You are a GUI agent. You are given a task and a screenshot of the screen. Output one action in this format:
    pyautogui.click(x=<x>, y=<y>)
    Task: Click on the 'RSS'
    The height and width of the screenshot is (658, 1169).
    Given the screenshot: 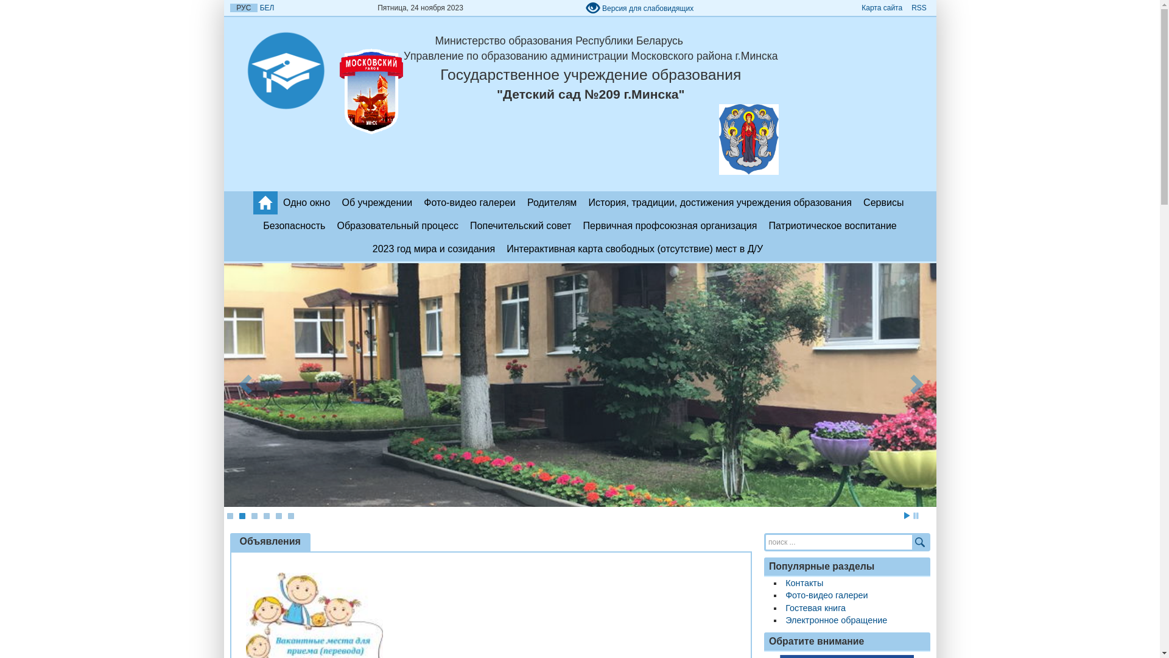 What is the action you would take?
    pyautogui.click(x=918, y=7)
    